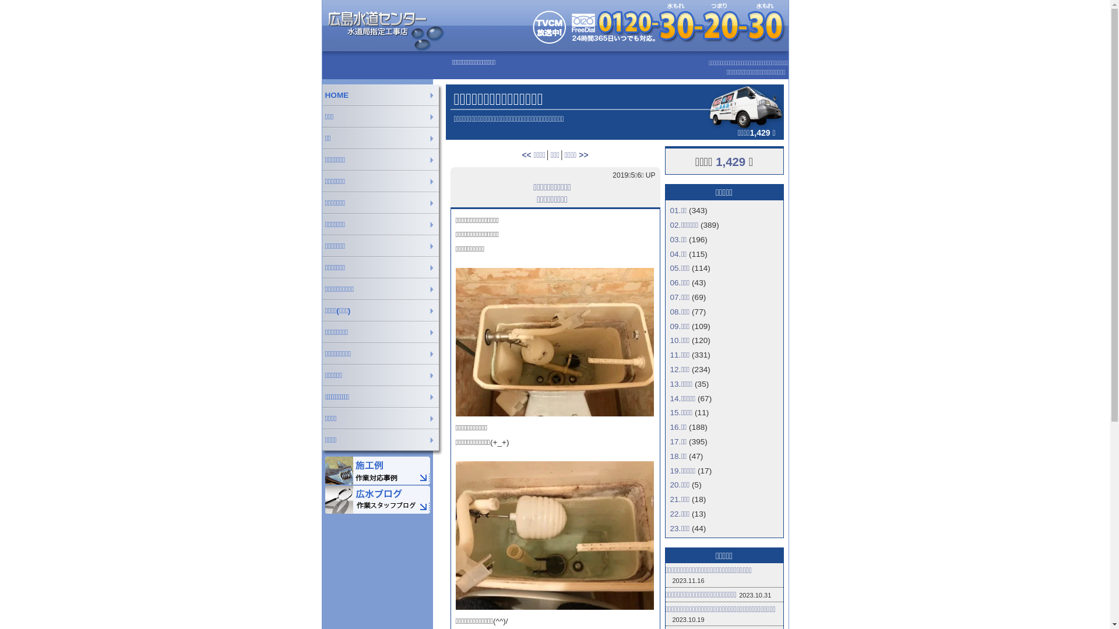 This screenshot has height=629, width=1119. What do you see at coordinates (383, 94) in the screenshot?
I see `'HOME'` at bounding box center [383, 94].